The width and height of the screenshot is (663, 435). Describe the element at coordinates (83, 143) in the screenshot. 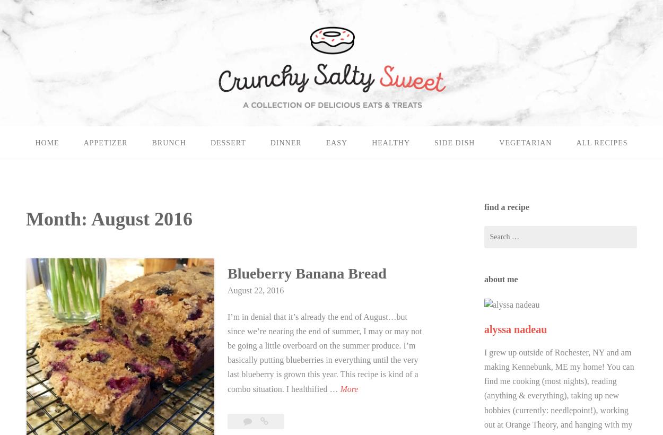

I see `'appetizer'` at that location.